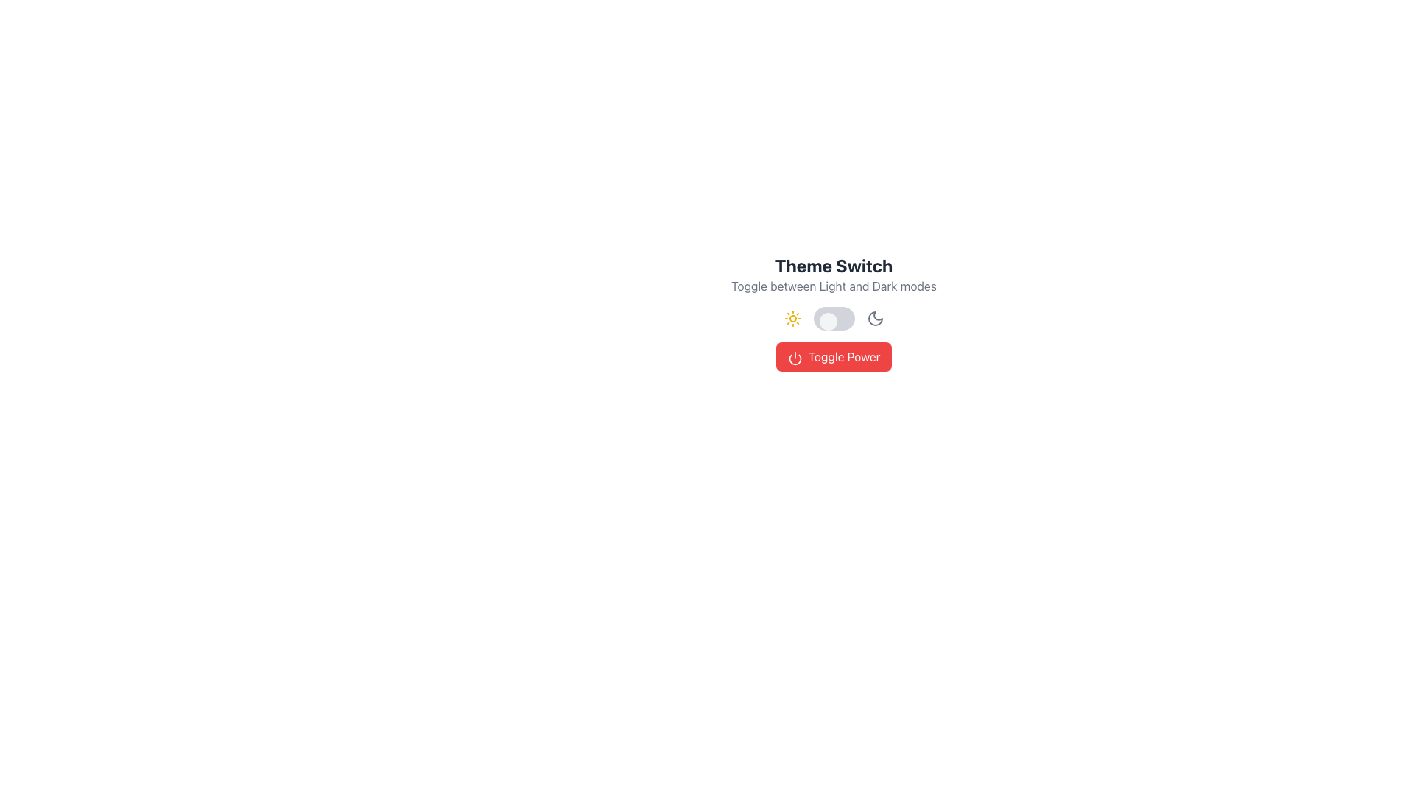 The width and height of the screenshot is (1414, 795). What do you see at coordinates (834, 286) in the screenshot?
I see `the text label that reads 'Toggle between Light and Dark modes', which is styled in gray and located beneath the 'Theme Switch' heading` at bounding box center [834, 286].